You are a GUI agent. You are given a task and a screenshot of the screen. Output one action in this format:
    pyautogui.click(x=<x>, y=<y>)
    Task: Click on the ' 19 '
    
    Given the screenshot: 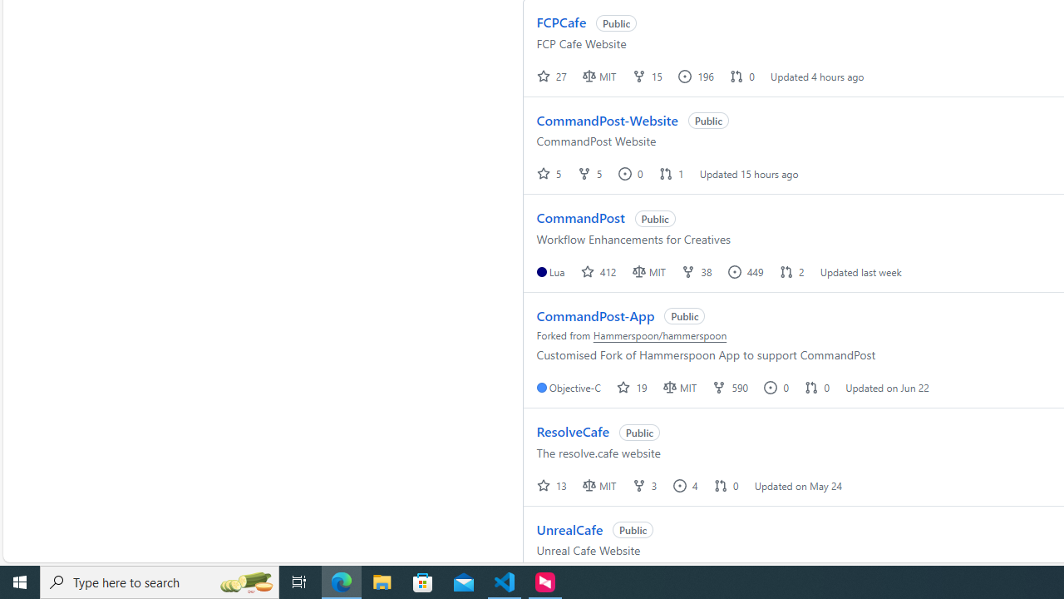 What is the action you would take?
    pyautogui.click(x=633, y=387)
    